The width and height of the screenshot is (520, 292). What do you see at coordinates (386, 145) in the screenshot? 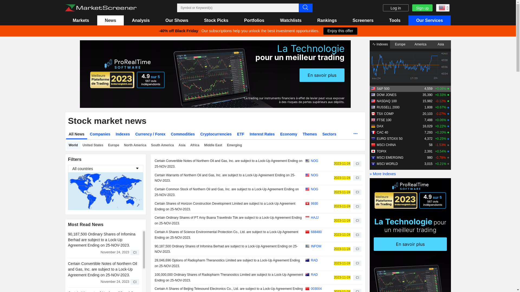
I see `'MSCI CHINA'` at bounding box center [386, 145].